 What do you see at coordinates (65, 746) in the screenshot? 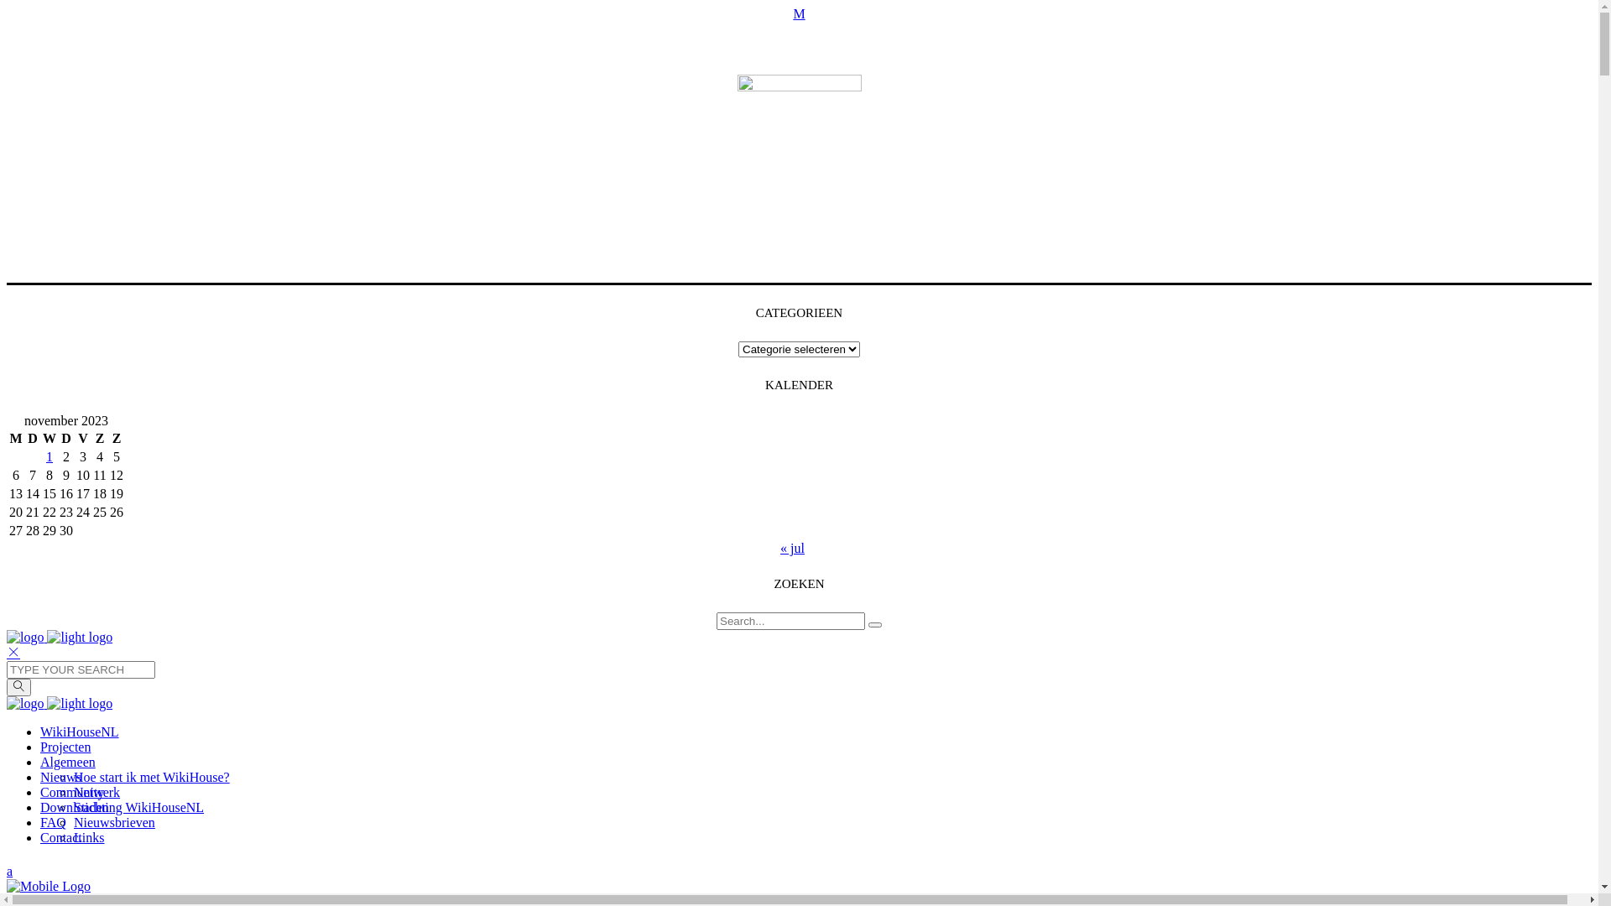
I see `'Projecten'` at bounding box center [65, 746].